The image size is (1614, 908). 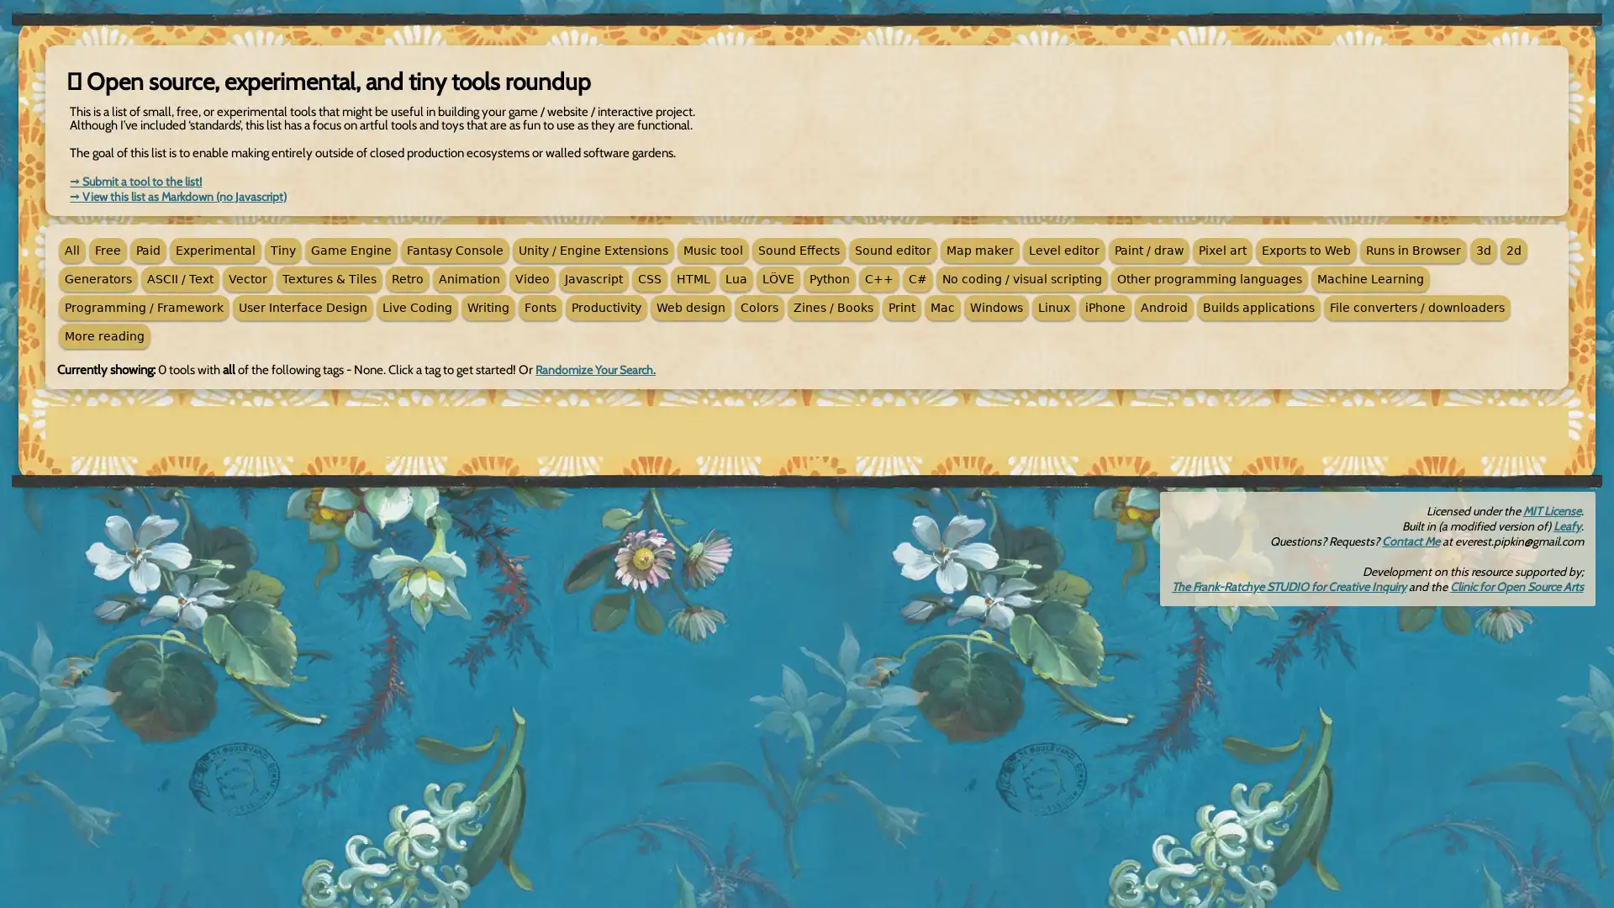 What do you see at coordinates (107, 250) in the screenshot?
I see `Free` at bounding box center [107, 250].